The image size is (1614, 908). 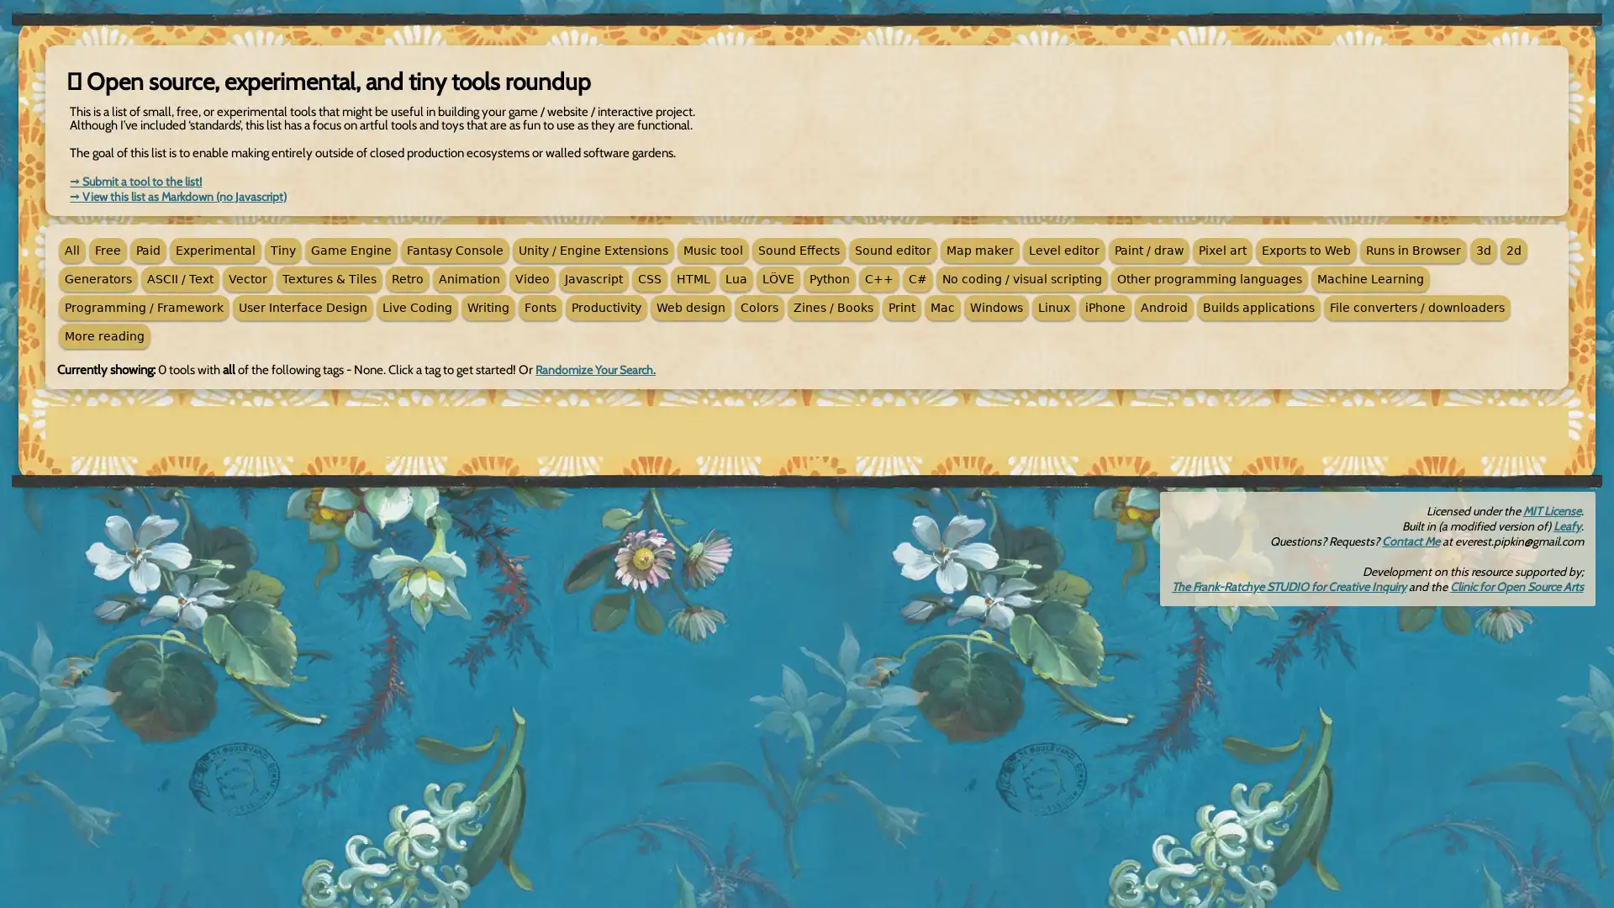 What do you see at coordinates (107, 250) in the screenshot?
I see `Free` at bounding box center [107, 250].